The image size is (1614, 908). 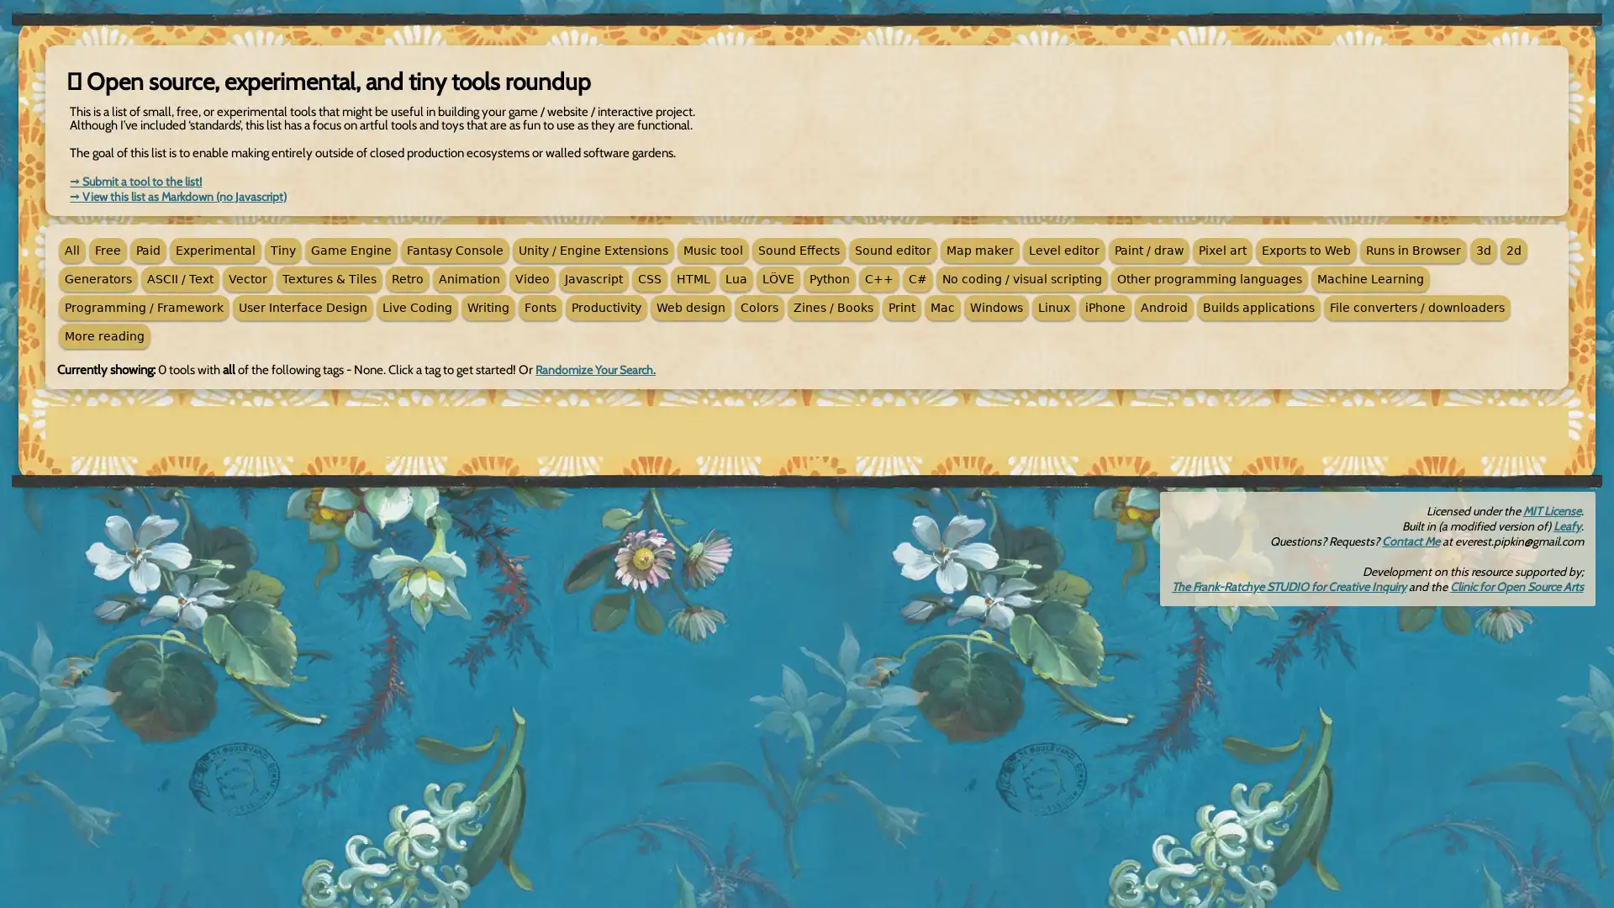 What do you see at coordinates (107, 250) in the screenshot?
I see `Free` at bounding box center [107, 250].